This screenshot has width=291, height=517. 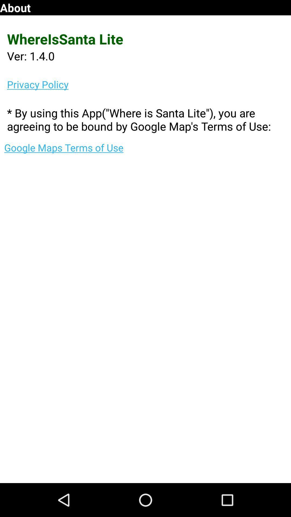 What do you see at coordinates (149, 84) in the screenshot?
I see `privacy policy item` at bounding box center [149, 84].